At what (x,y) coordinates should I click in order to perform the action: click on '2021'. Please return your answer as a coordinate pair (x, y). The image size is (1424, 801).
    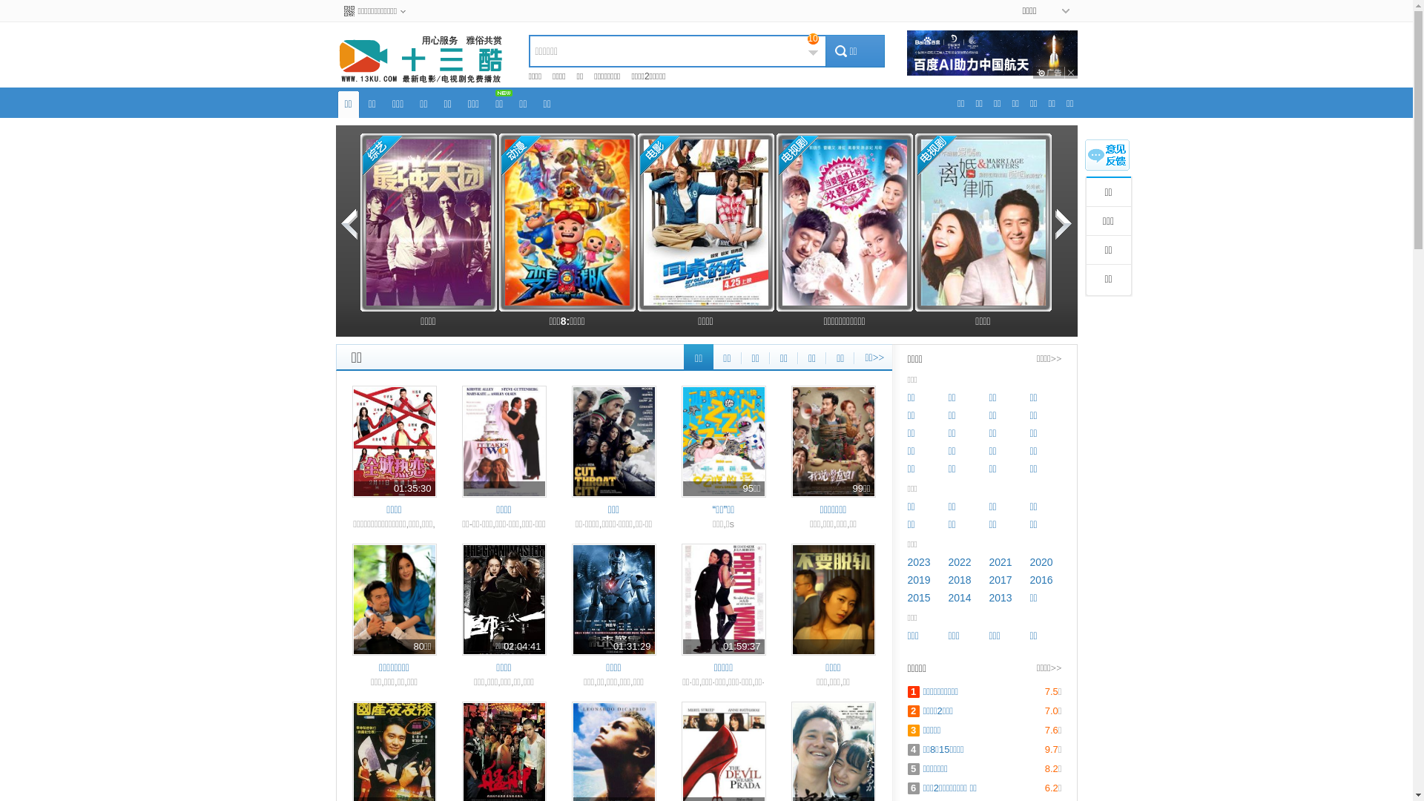
    Looking at the image, I should click on (1001, 562).